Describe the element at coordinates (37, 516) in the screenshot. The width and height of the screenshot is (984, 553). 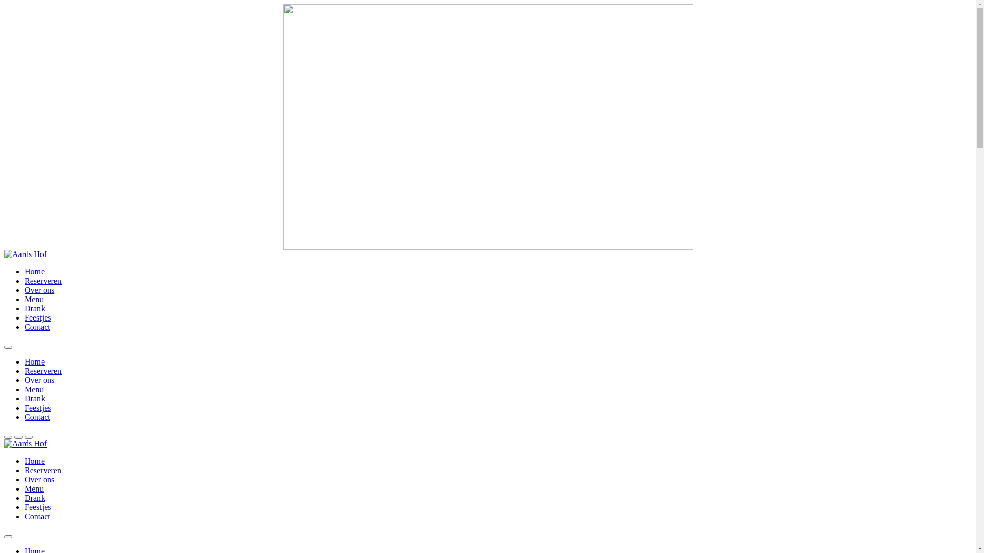
I see `'Contact'` at that location.